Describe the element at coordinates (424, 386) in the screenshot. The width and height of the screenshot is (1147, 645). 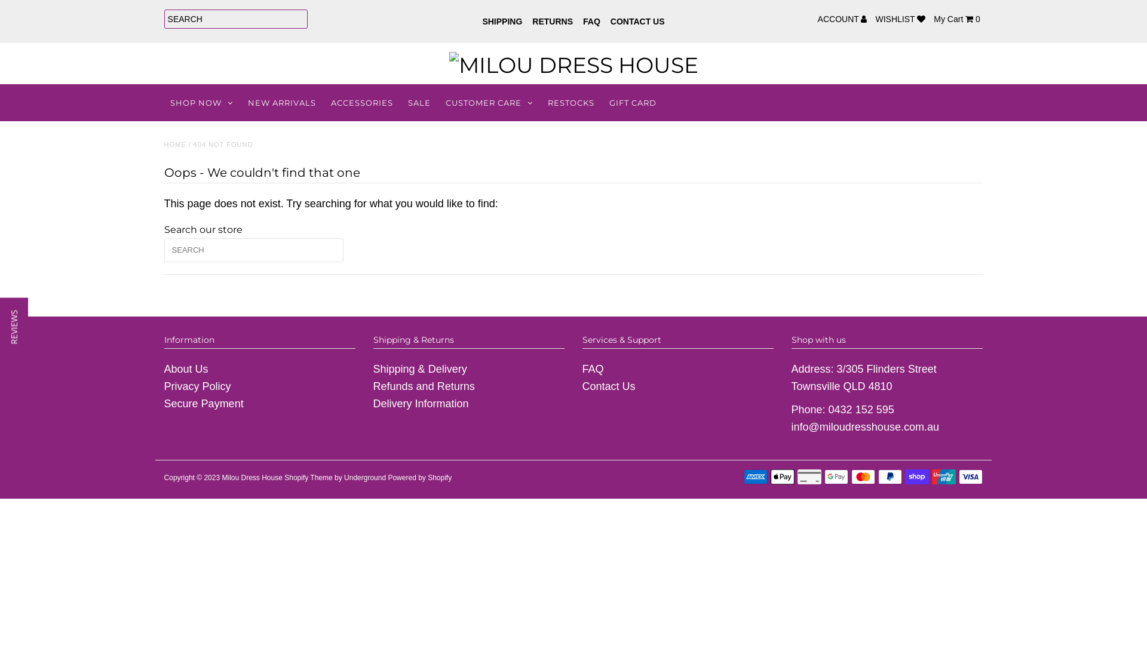
I see `'Refunds and Returns'` at that location.